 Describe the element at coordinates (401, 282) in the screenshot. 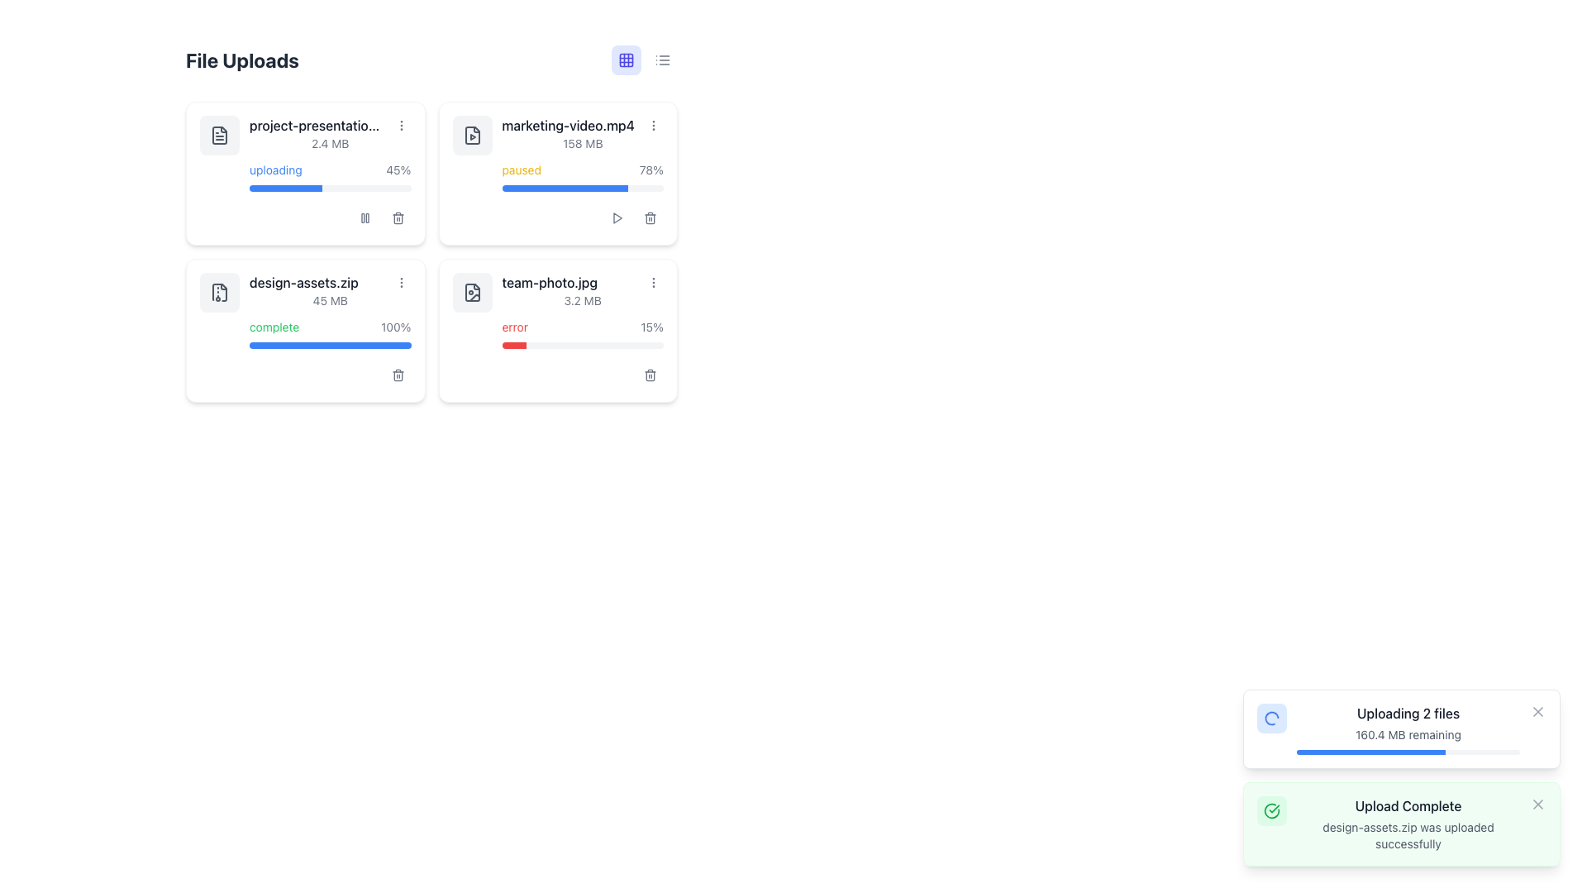

I see `the Button with an icon representation located to the right of 'design-assets.zip' to trigger visual feedback` at that location.